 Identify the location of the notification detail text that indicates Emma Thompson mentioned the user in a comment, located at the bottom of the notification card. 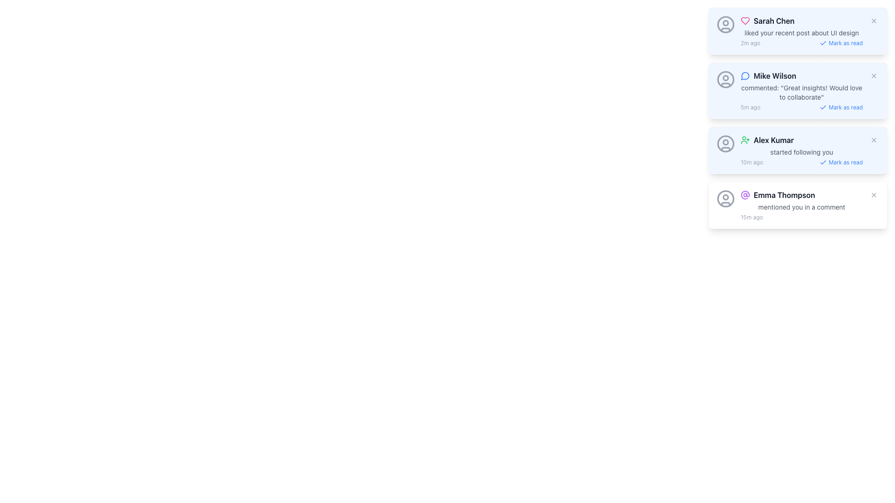
(801, 206).